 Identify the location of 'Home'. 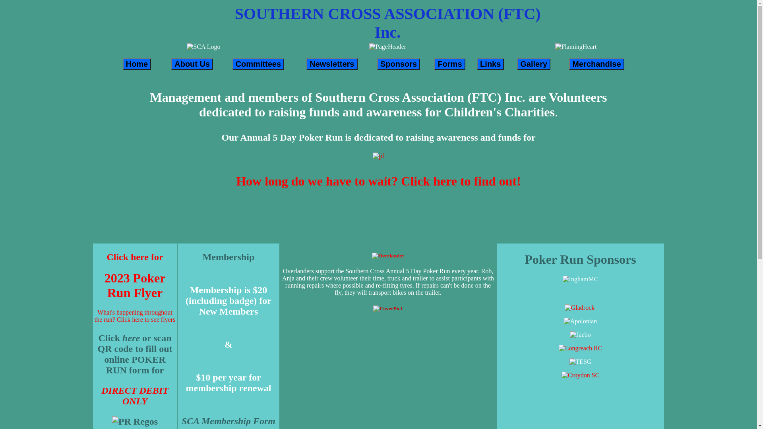
(137, 63).